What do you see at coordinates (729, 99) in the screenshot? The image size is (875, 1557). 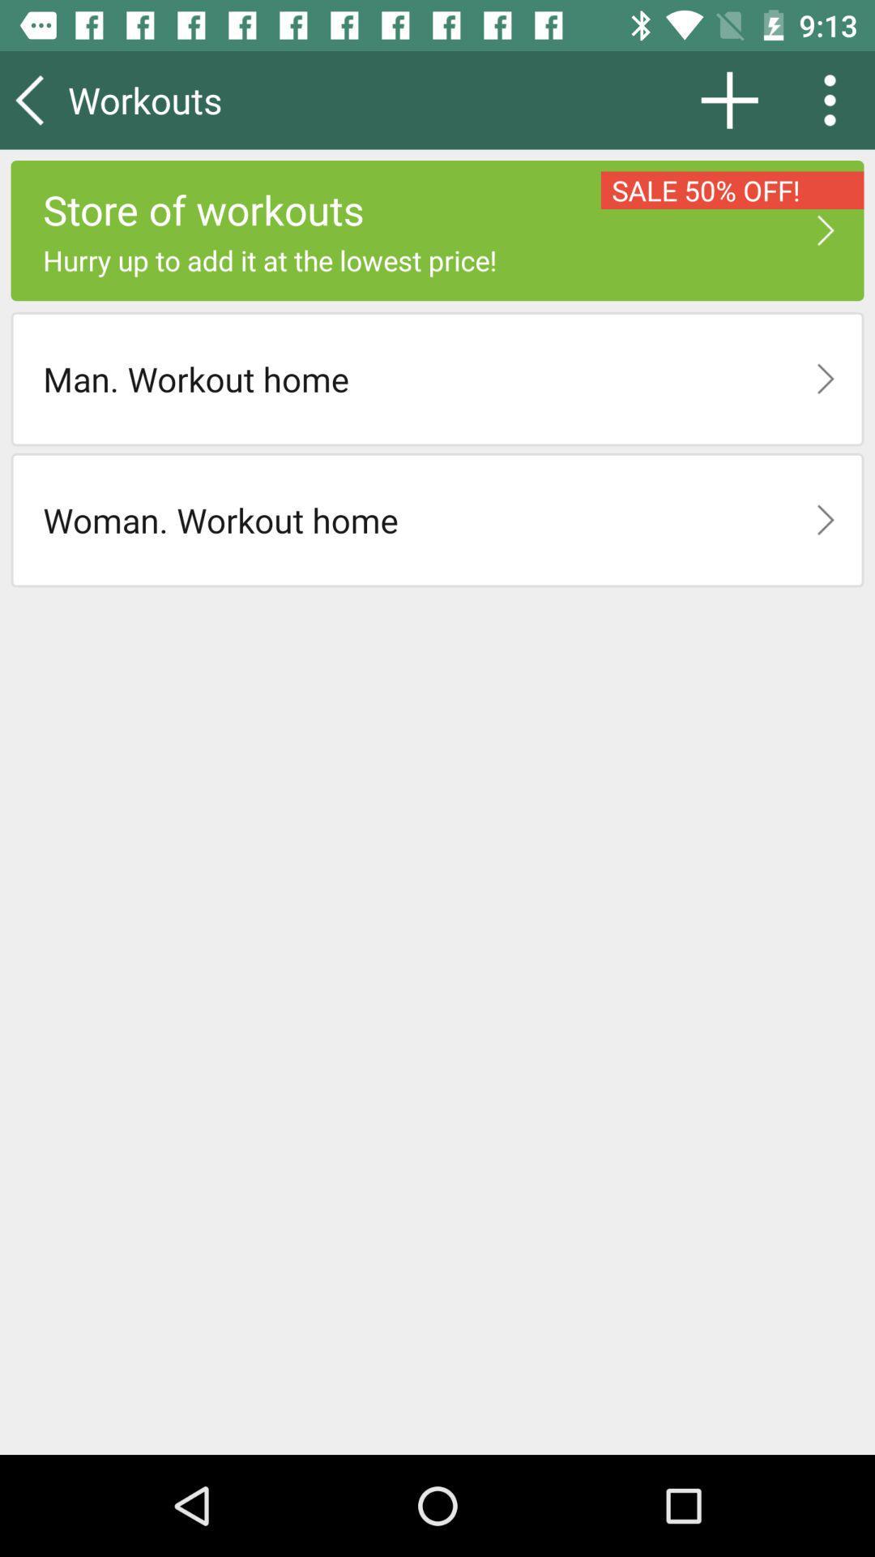 I see `the item above the store of workouts app` at bounding box center [729, 99].